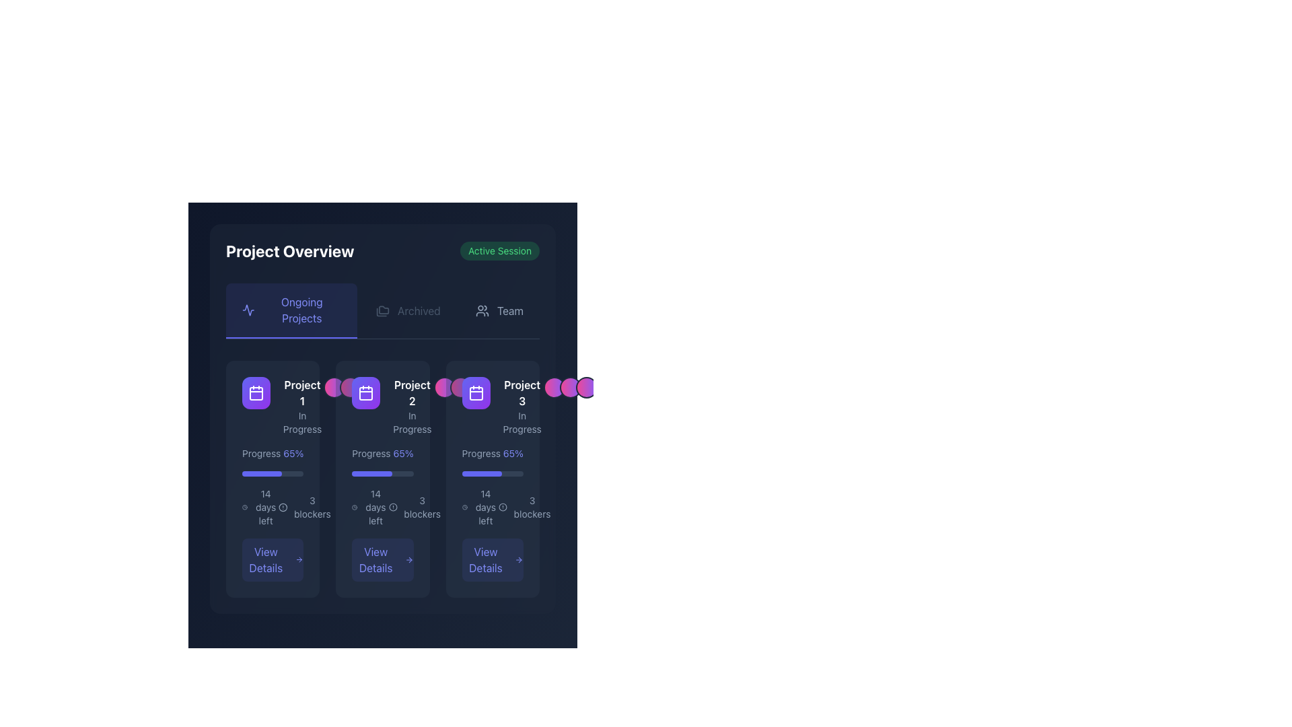 The image size is (1292, 727). I want to click on the alert represented by the circular icon outlined in white, which contains a centered exclamation mark, located next to the '3 blockers' text in the third project card of the 'Ongoing Projects' section, so click(392, 507).